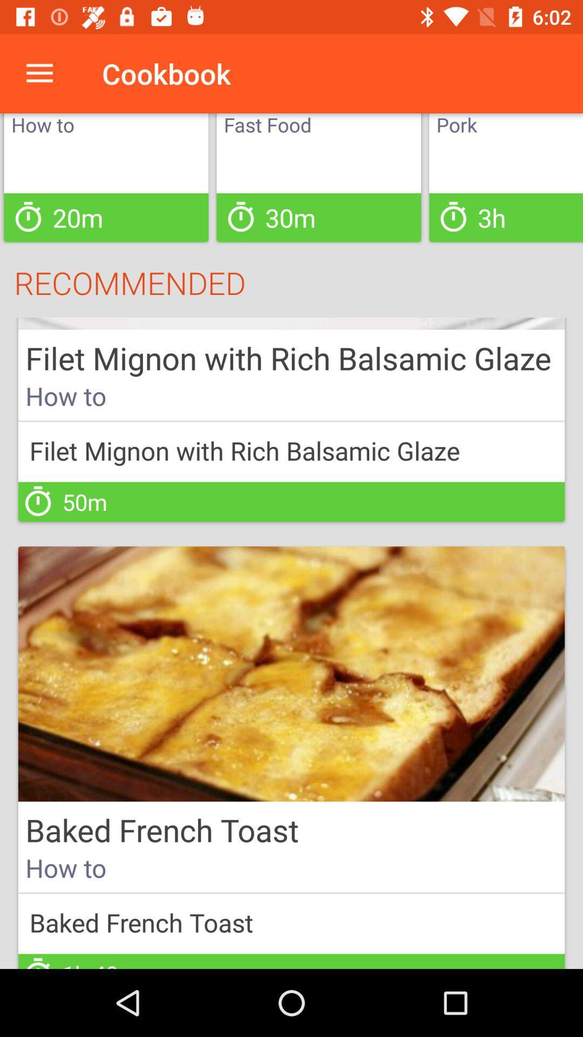 This screenshot has height=1037, width=583. What do you see at coordinates (39, 73) in the screenshot?
I see `icon next to cookbook` at bounding box center [39, 73].